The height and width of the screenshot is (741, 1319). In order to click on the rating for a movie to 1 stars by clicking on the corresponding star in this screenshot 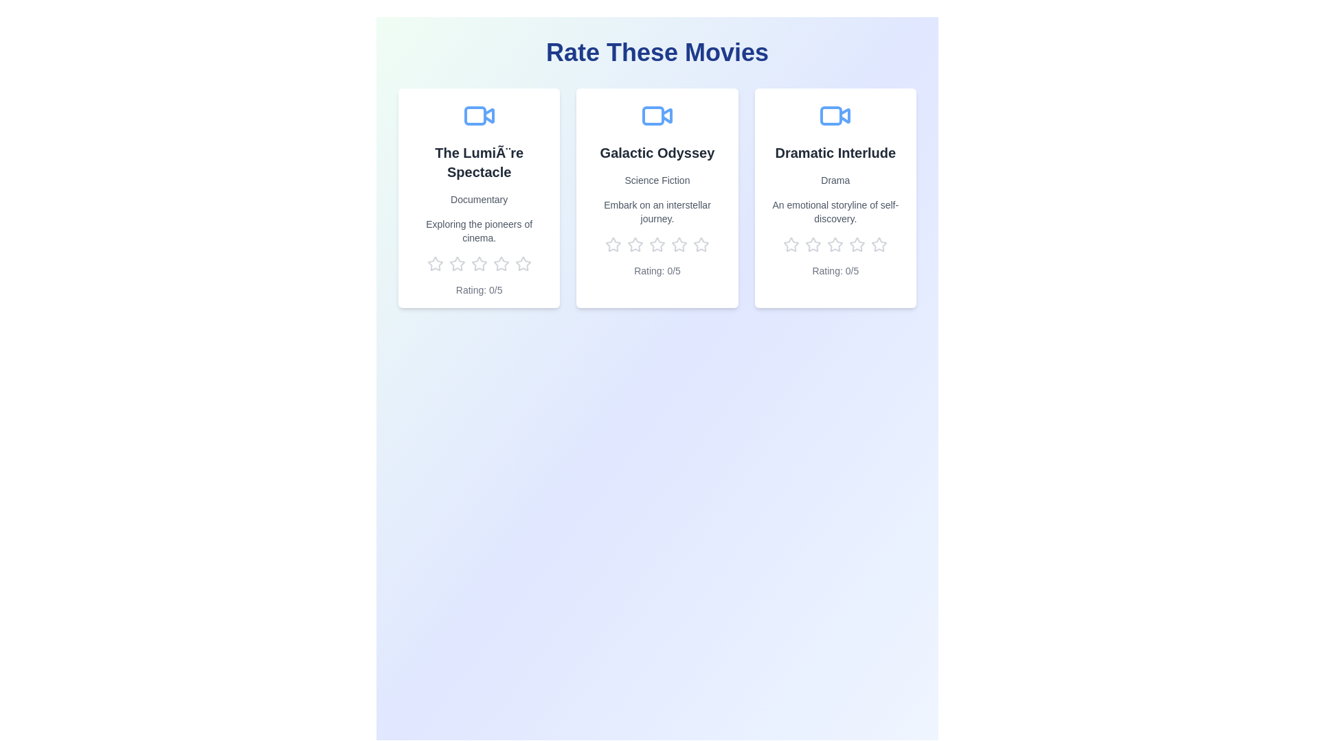, I will do `click(426, 264)`.